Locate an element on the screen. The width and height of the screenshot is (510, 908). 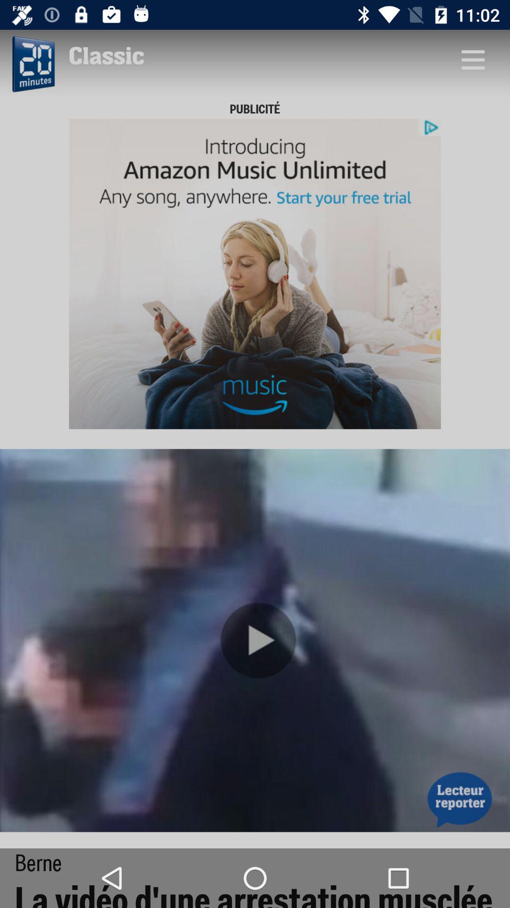
menu is located at coordinates (473, 59).